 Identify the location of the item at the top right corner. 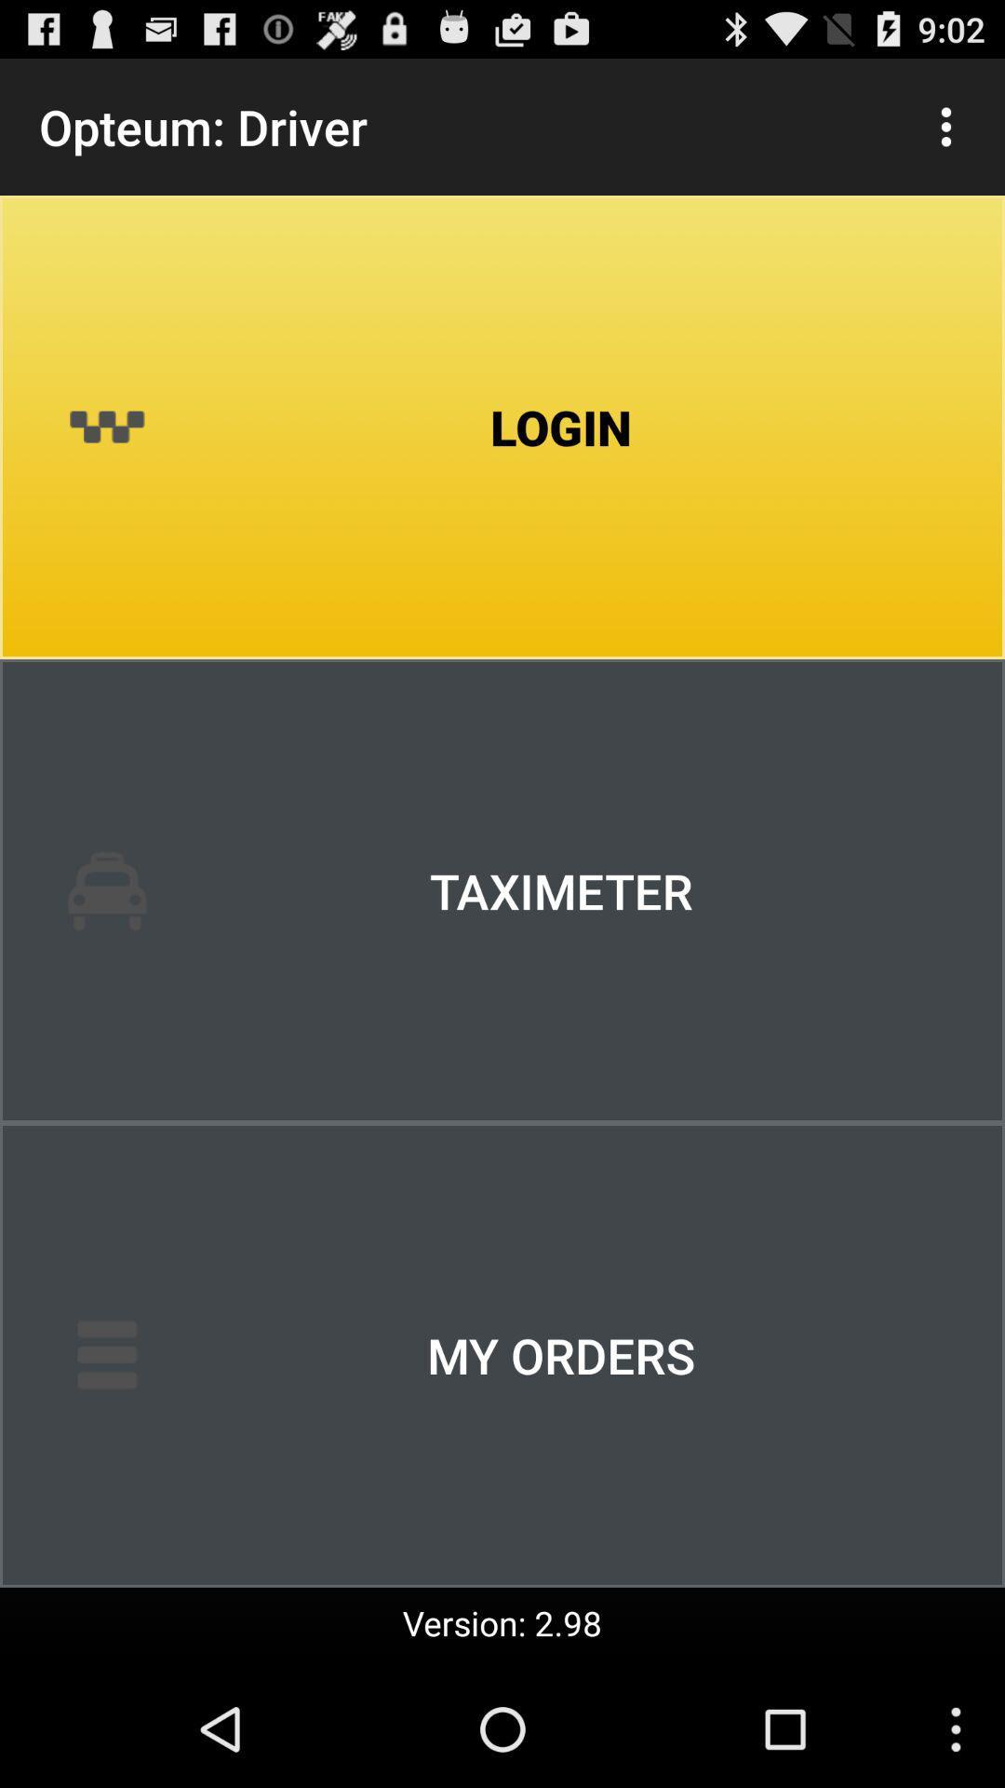
(946, 126).